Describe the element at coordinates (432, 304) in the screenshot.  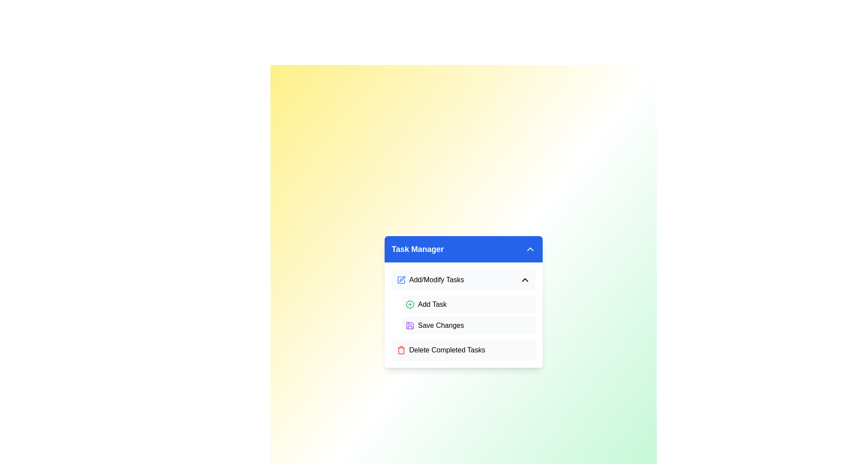
I see `the text label that is part of the button for adding a new task, located below the 'Add/Modify Tasks' section within the 'Task Manager' panel` at that location.